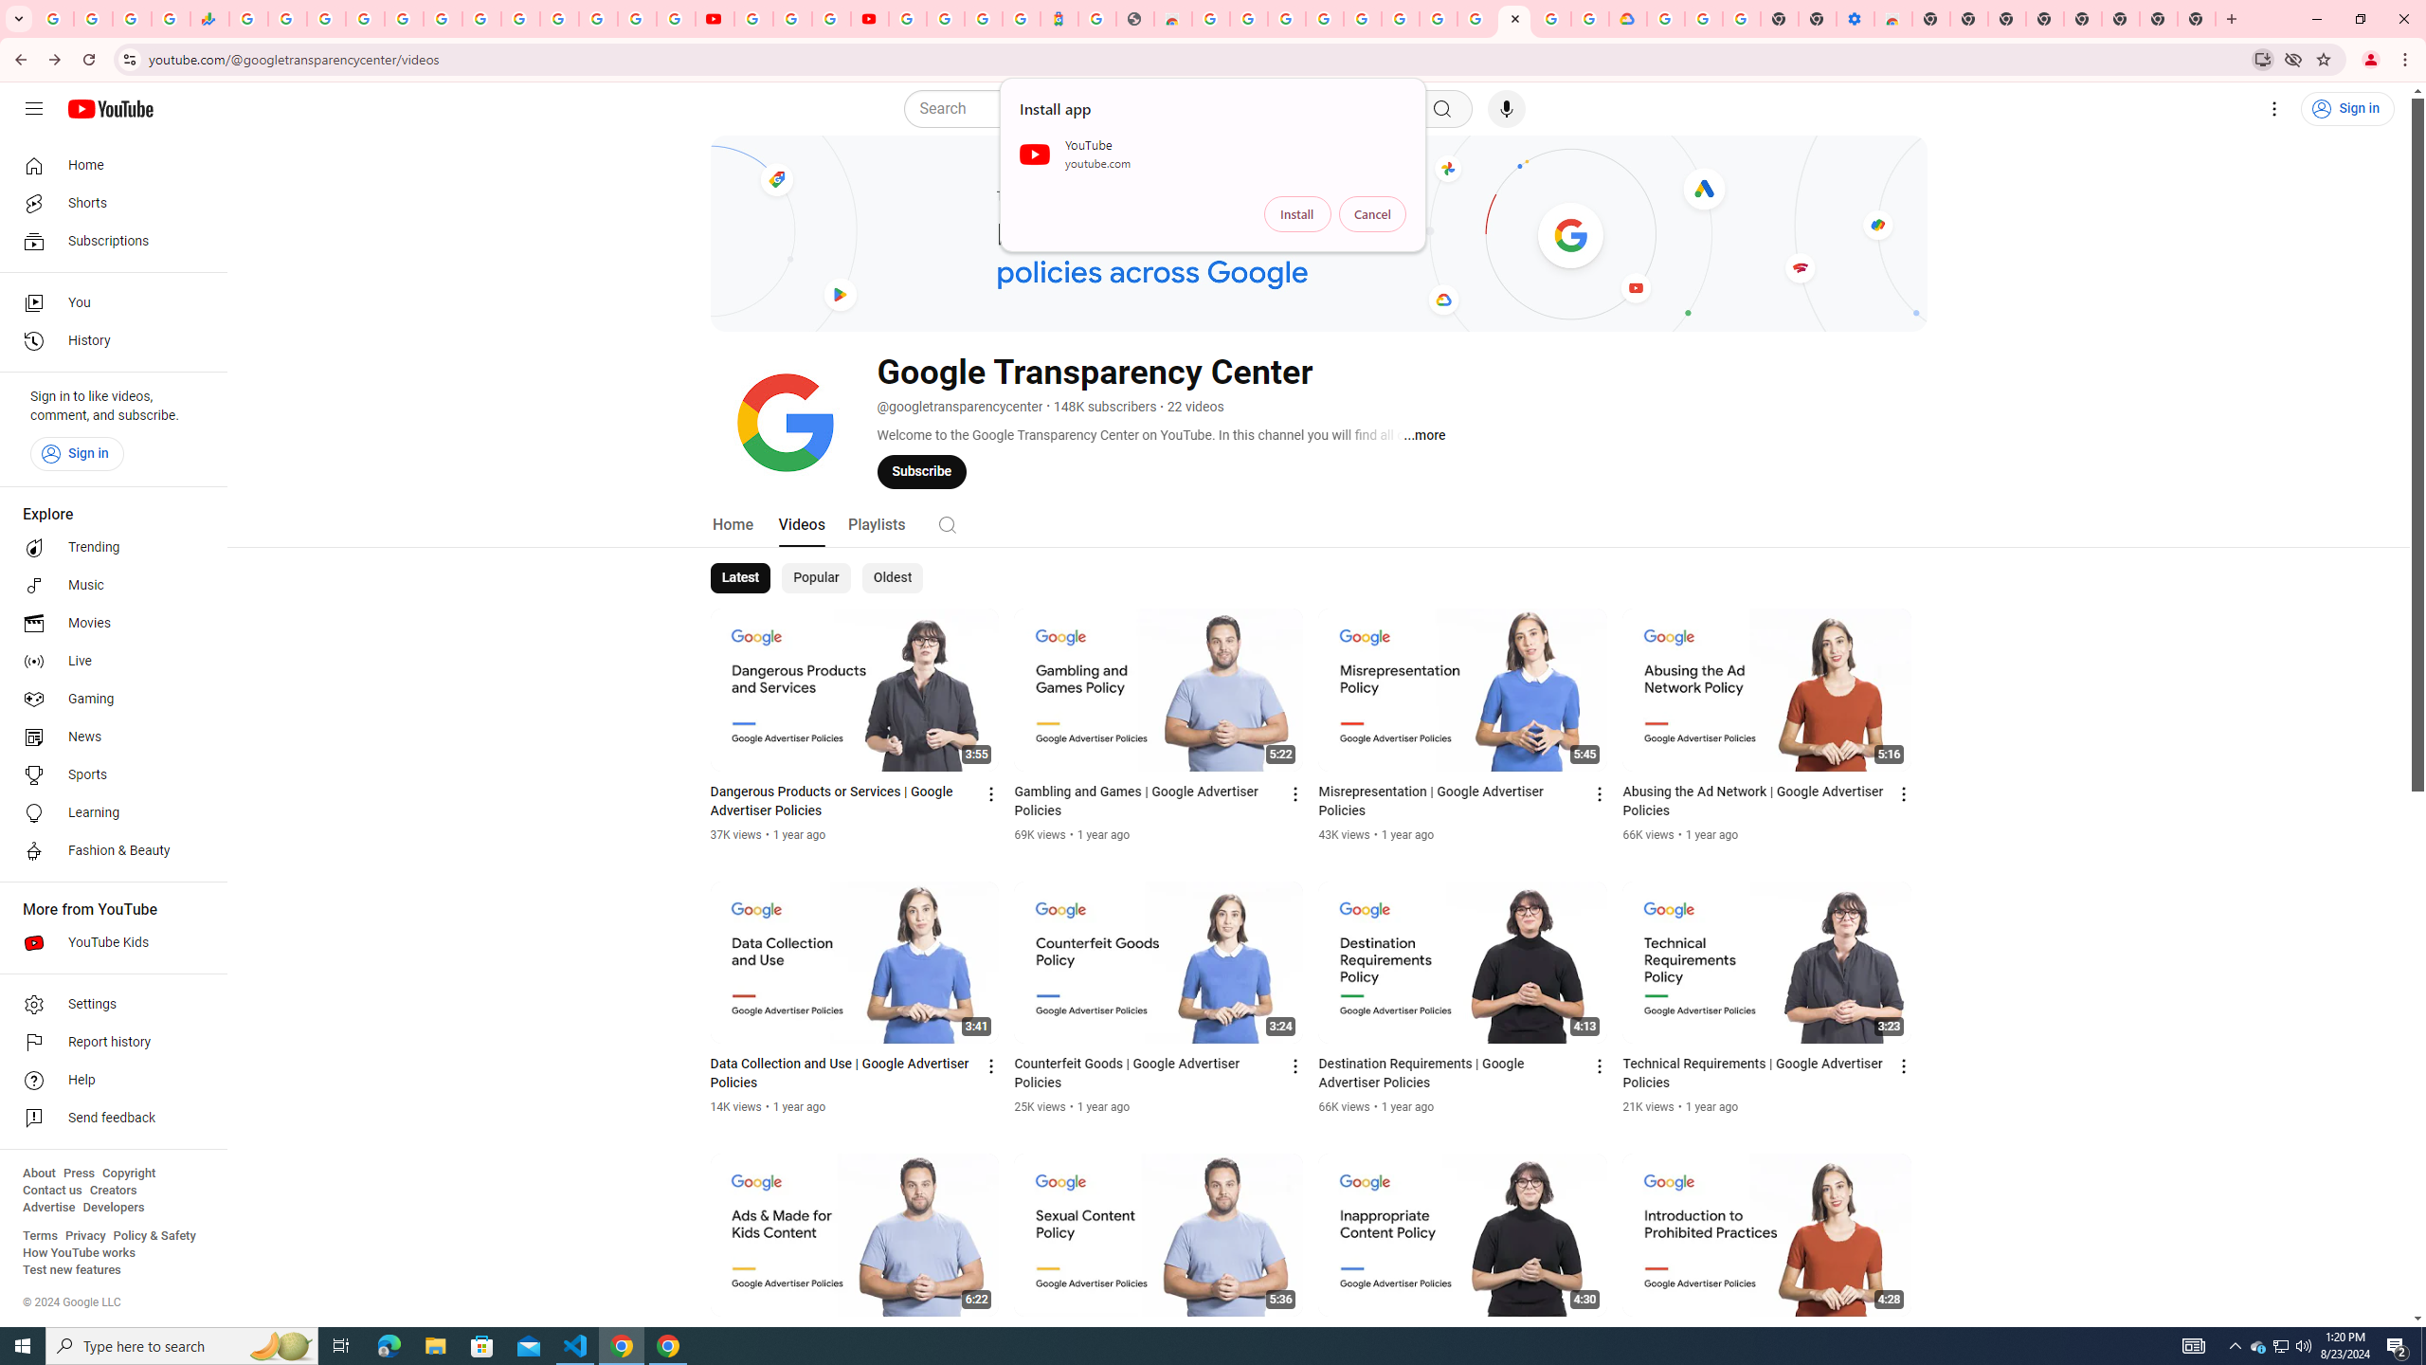  What do you see at coordinates (1171, 18) in the screenshot?
I see `'Chrome Web Store - Household'` at bounding box center [1171, 18].